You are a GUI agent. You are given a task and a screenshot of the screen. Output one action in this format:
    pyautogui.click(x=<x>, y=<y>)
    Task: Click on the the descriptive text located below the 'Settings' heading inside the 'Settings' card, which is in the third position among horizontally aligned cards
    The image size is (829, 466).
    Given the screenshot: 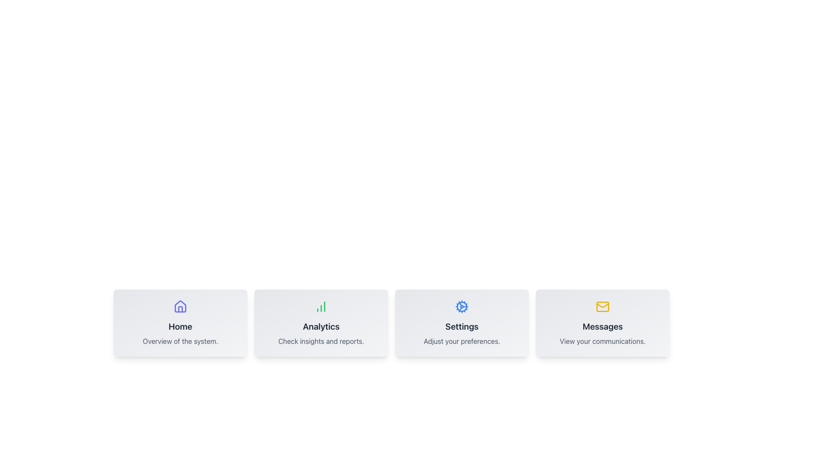 What is the action you would take?
    pyautogui.click(x=462, y=340)
    